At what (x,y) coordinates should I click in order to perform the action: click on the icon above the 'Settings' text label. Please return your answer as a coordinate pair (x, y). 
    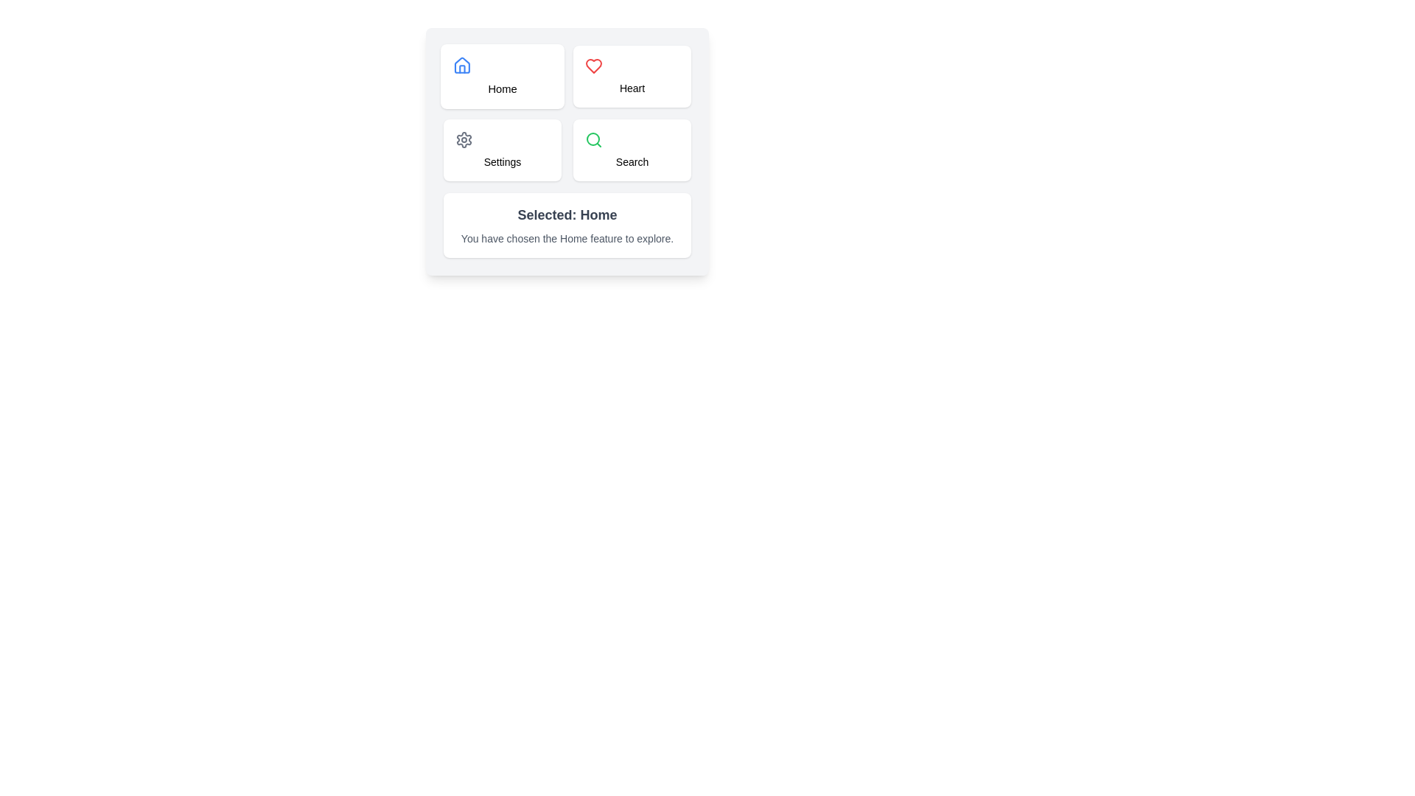
    Looking at the image, I should click on (502, 161).